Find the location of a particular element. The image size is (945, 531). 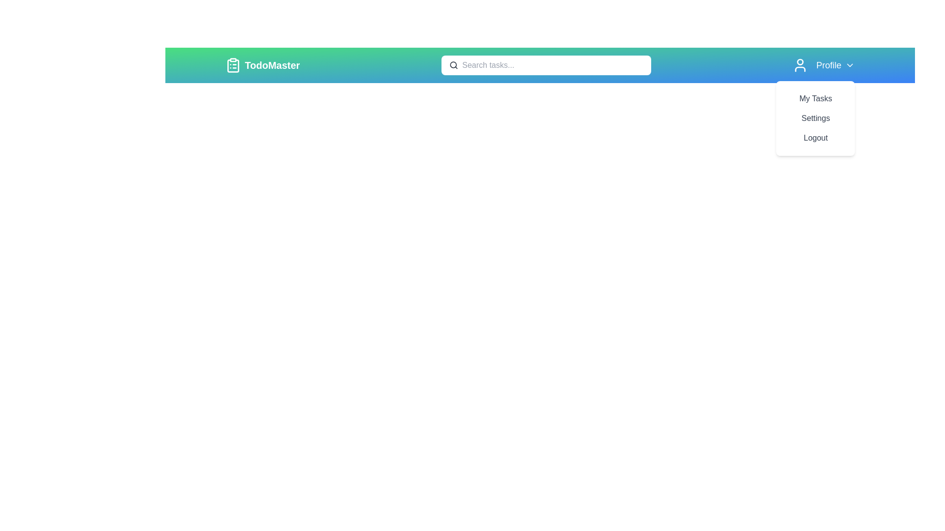

the user profile access icon located in the top navigation bar, which is positioned to the left of the 'Profile' label and 'chevron-down' icon is located at coordinates (800, 65).